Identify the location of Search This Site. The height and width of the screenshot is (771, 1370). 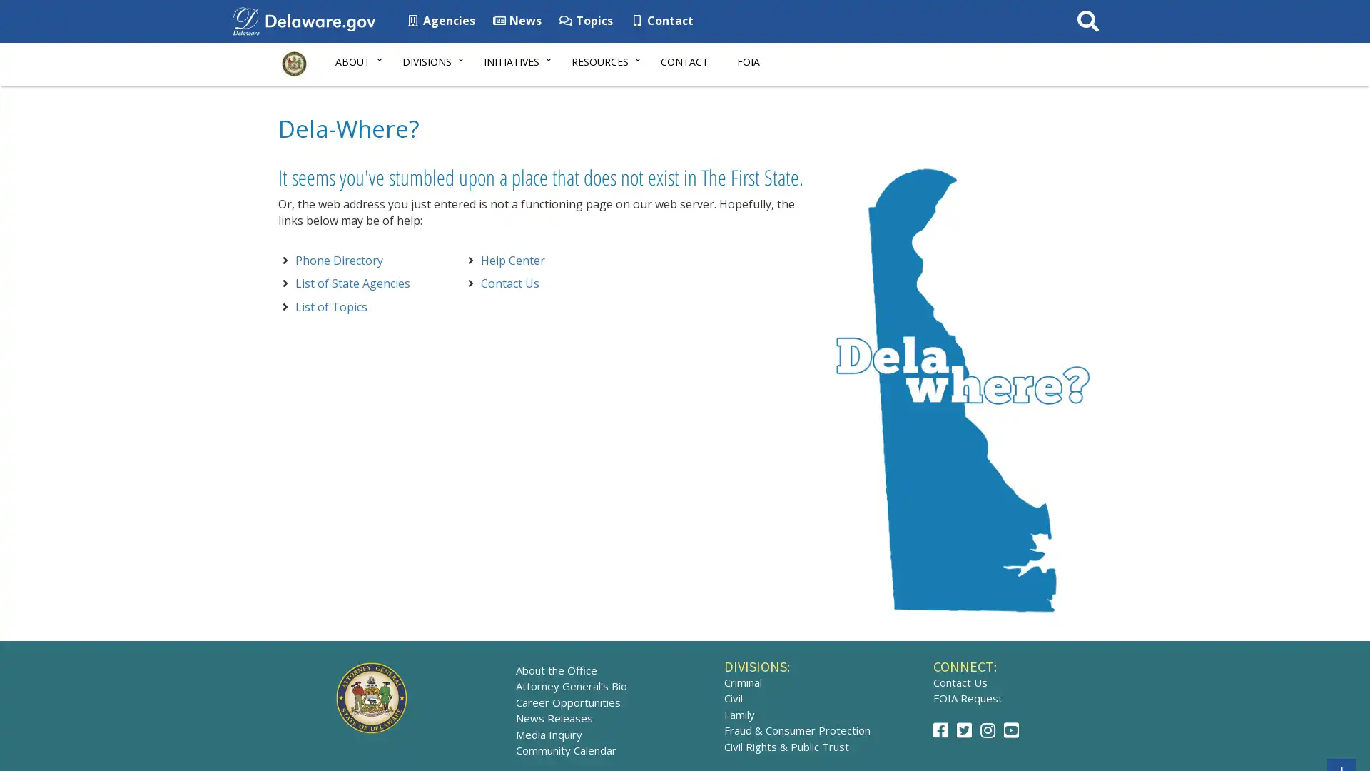
(1087, 22).